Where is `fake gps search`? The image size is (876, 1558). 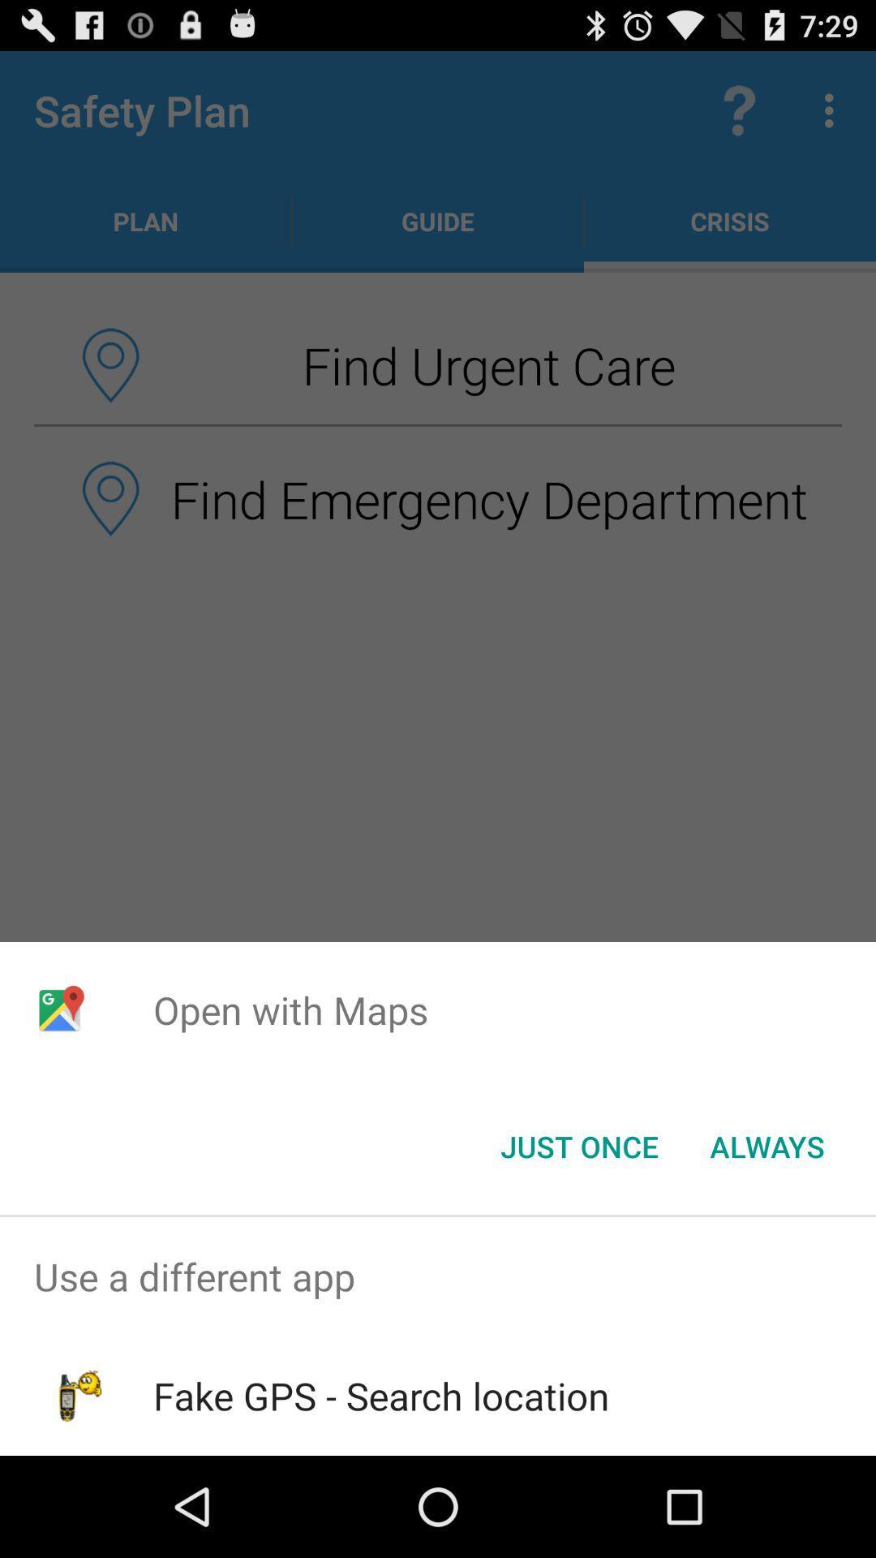
fake gps search is located at coordinates (381, 1395).